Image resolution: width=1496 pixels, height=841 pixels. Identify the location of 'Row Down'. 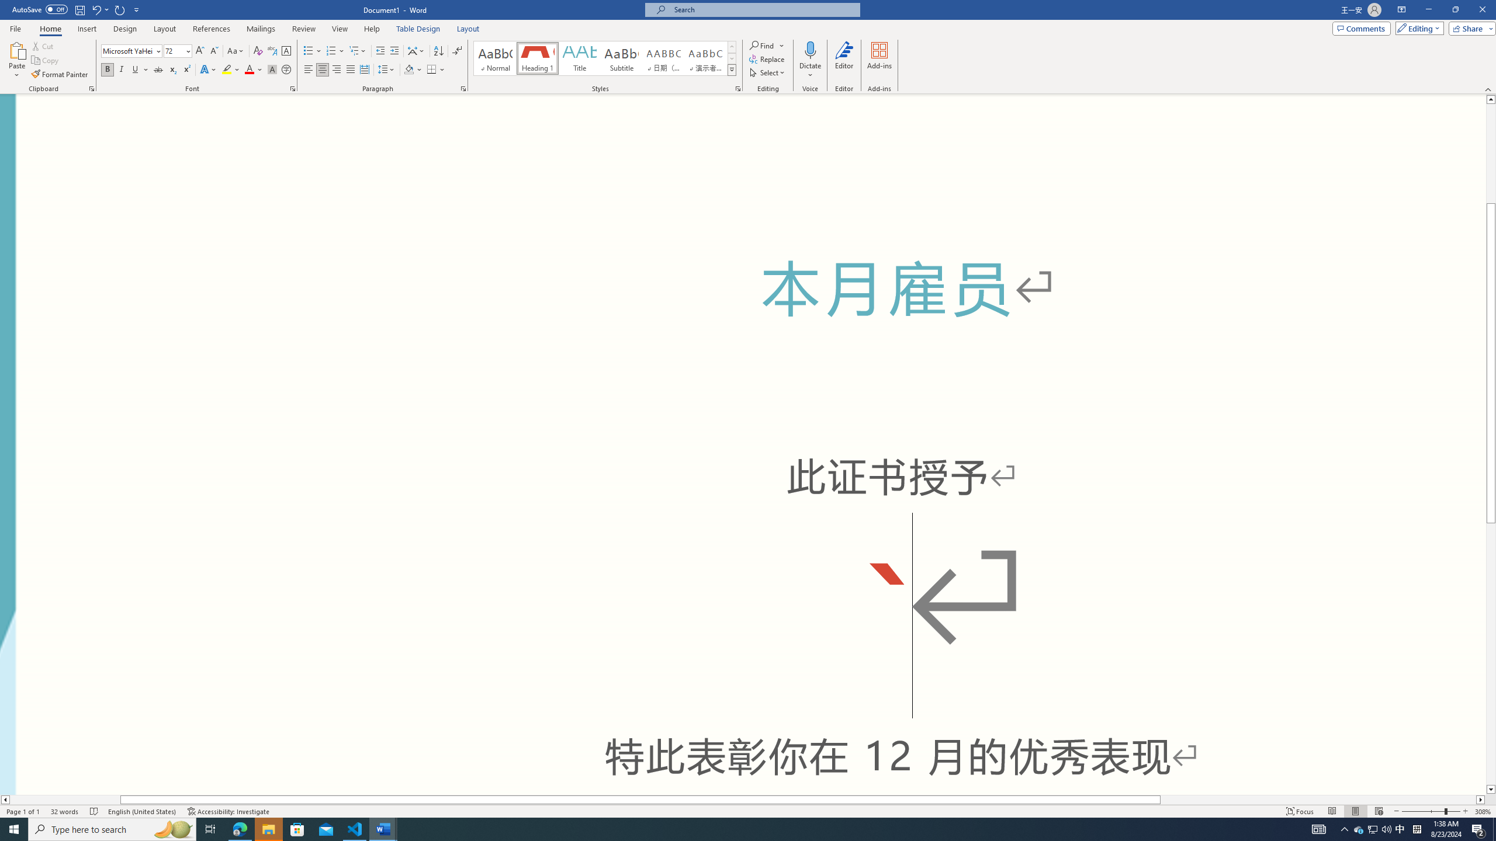
(731, 58).